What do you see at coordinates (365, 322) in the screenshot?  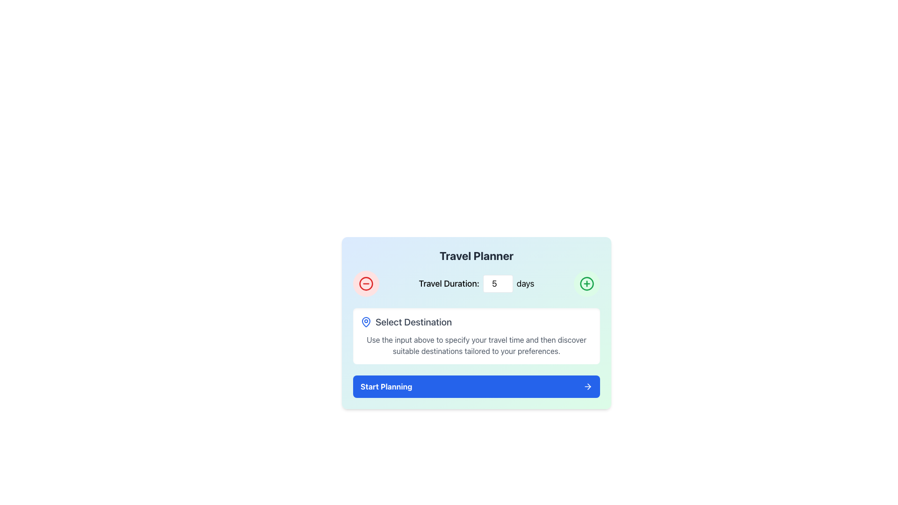 I see `the blue outline map-pin icon located to the left of the 'Select Destination' text` at bounding box center [365, 322].